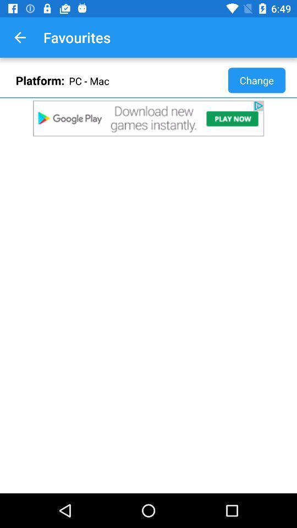 The image size is (297, 528). I want to click on click on advertisements, so click(148, 118).